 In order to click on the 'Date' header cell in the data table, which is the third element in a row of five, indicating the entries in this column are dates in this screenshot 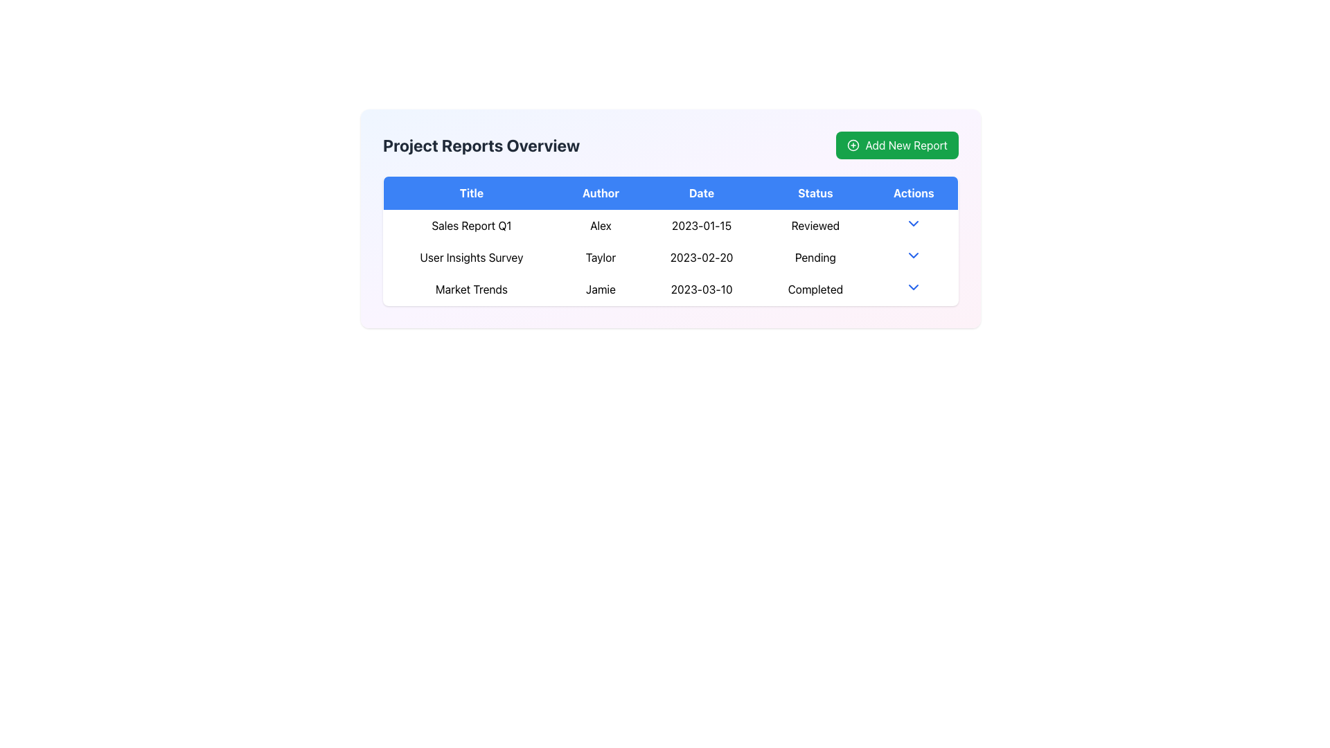, I will do `click(701, 193)`.